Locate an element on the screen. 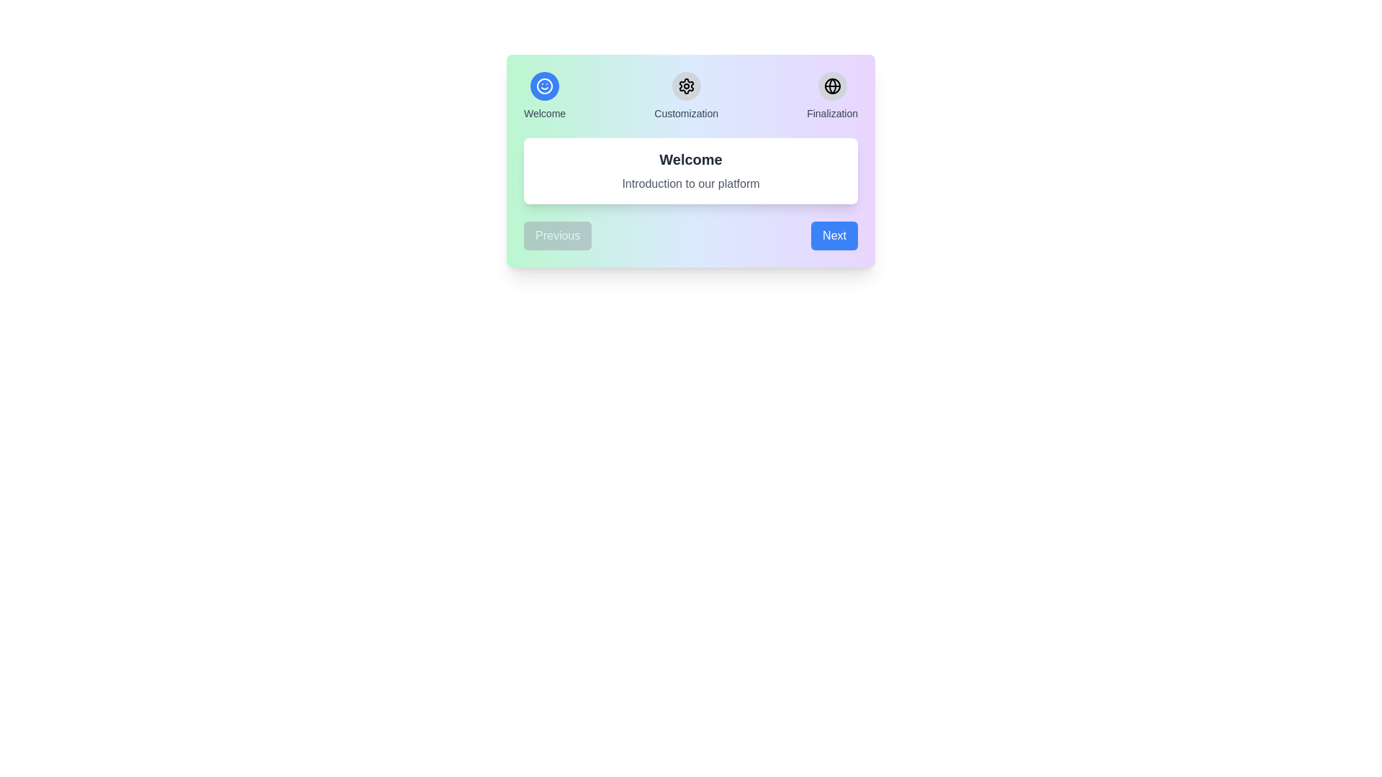 This screenshot has width=1382, height=777. the 'Previous' button is located at coordinates (557, 235).